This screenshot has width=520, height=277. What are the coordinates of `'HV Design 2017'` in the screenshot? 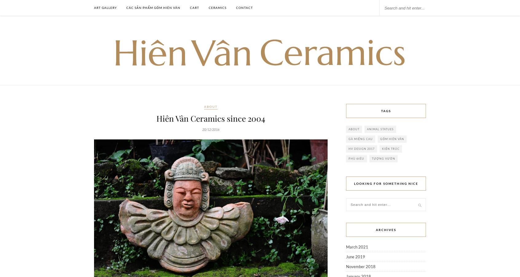 It's located at (361, 148).